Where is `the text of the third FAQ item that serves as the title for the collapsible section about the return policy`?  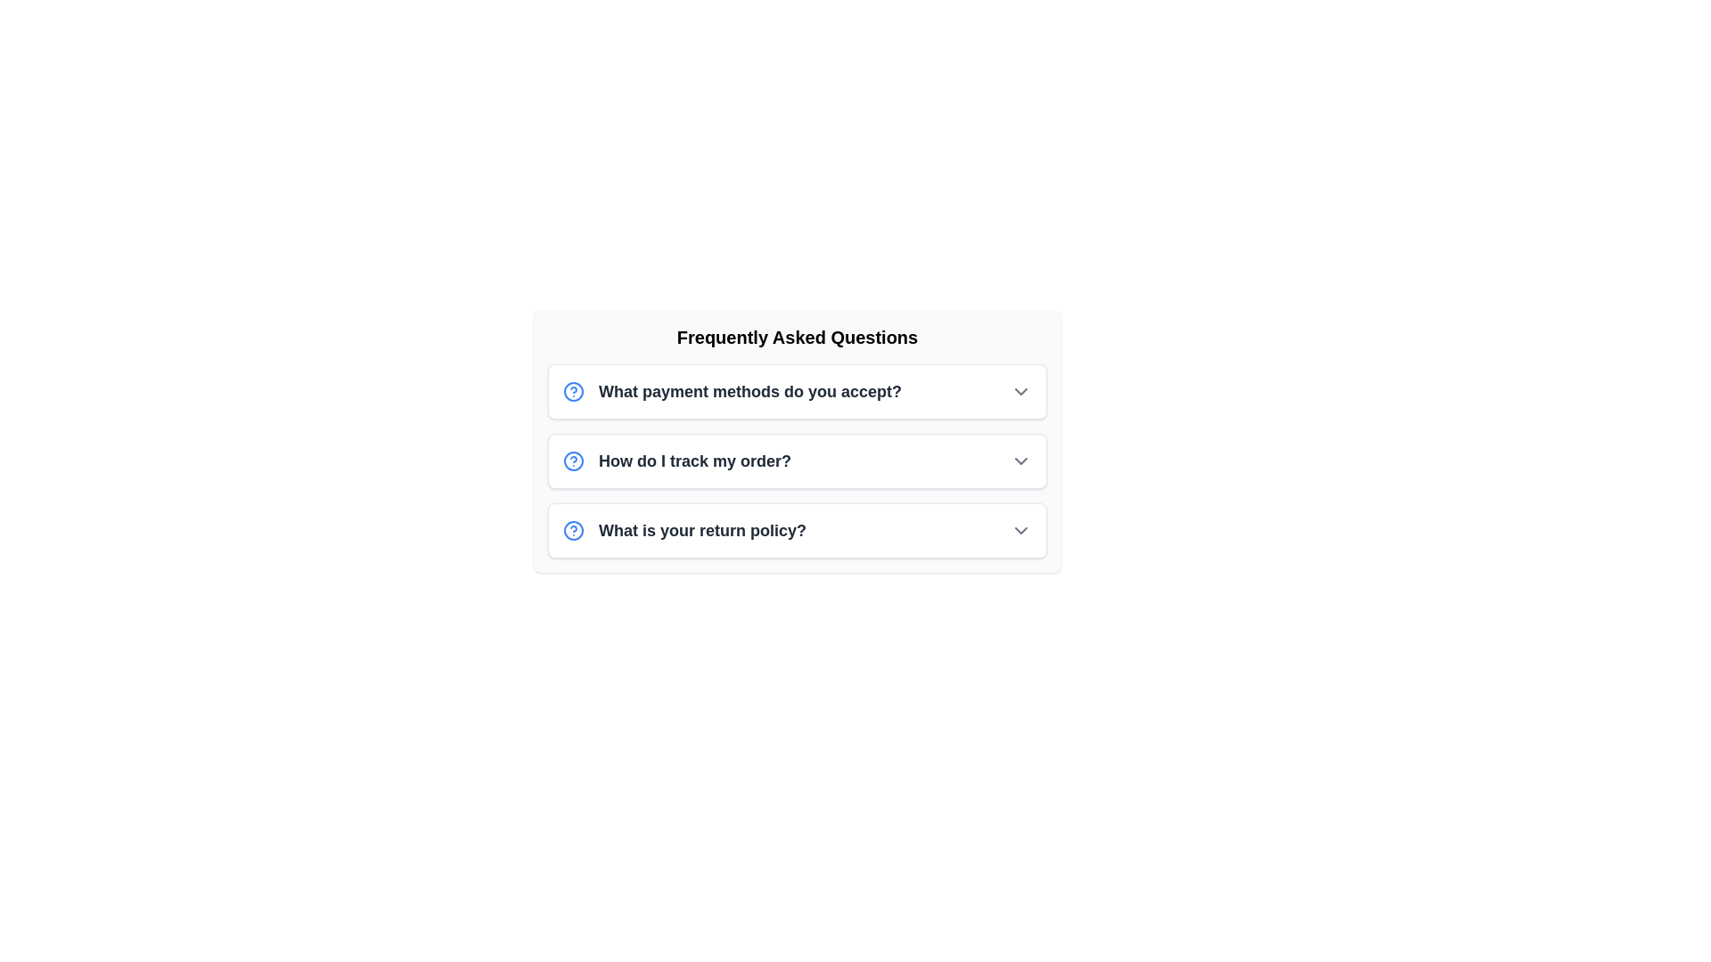
the text of the third FAQ item that serves as the title for the collapsible section about the return policy is located at coordinates (701, 530).